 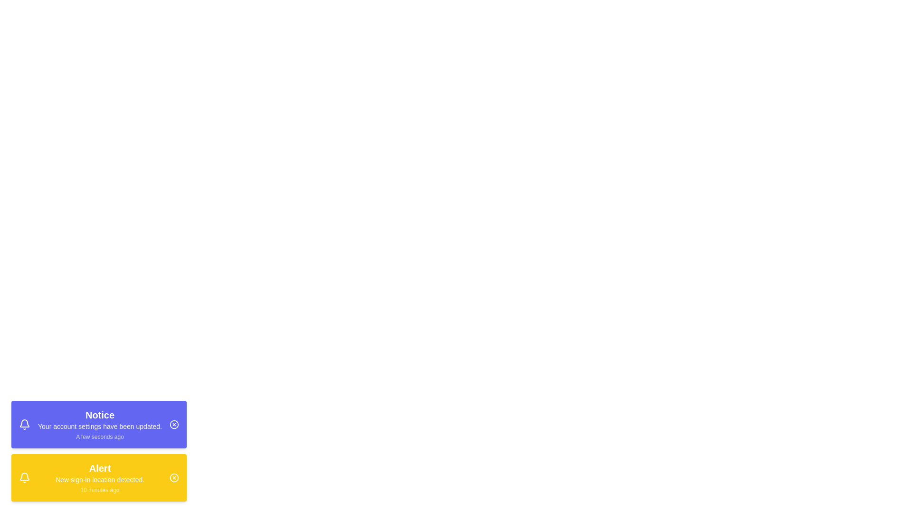 What do you see at coordinates (174, 424) in the screenshot?
I see `close button on the first notification to dismiss it` at bounding box center [174, 424].